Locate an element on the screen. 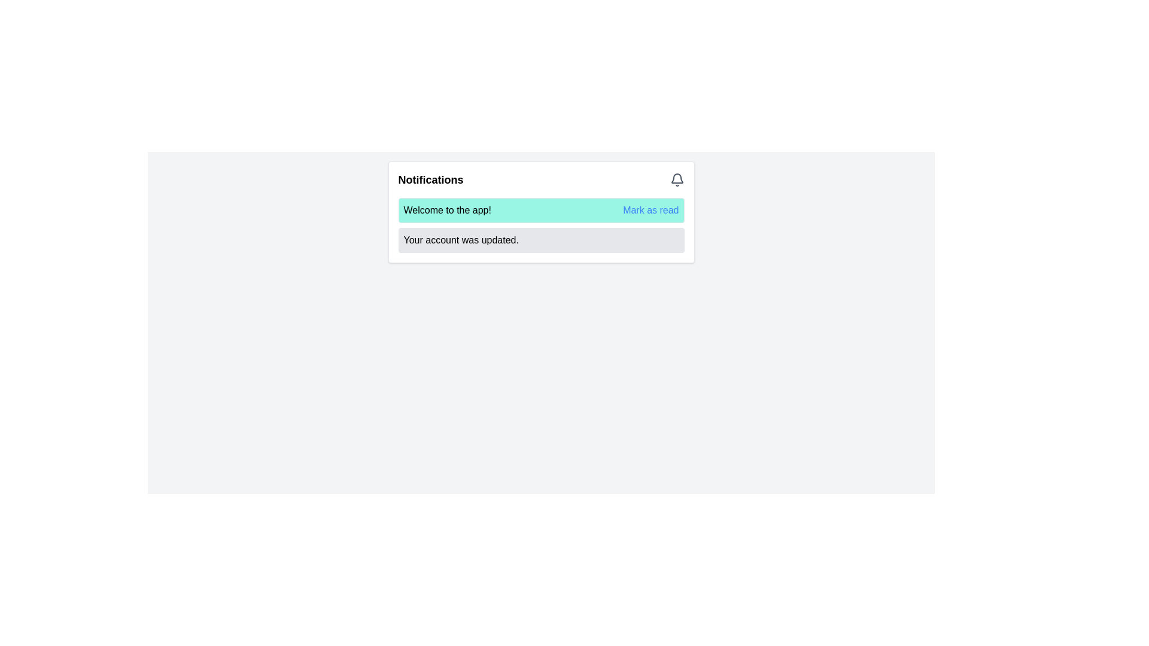 This screenshot has width=1149, height=646. the Text Label that reads 'Welcome to the app!', which is styled in bold and located within a teal background notification bar is located at coordinates (446, 209).